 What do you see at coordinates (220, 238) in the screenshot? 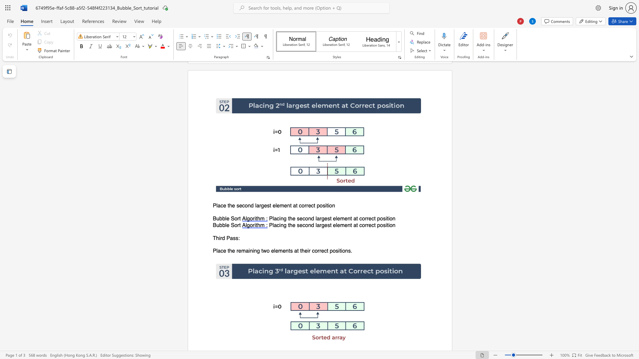
I see `the space between the continuous character "i" and "r" in the text` at bounding box center [220, 238].